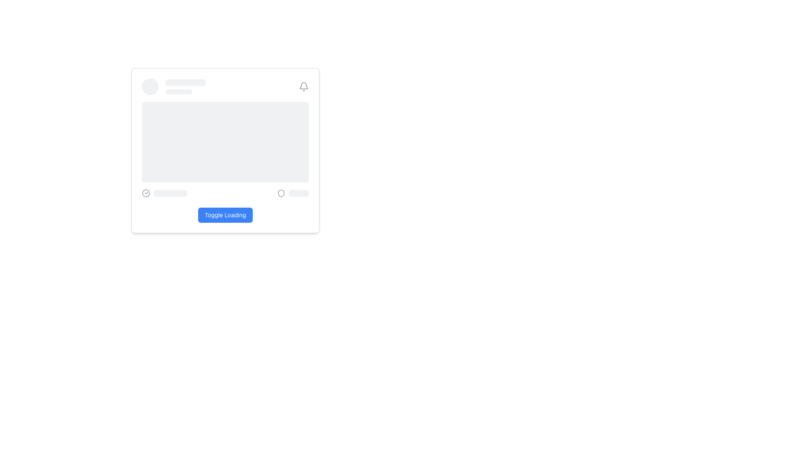 The height and width of the screenshot is (453, 806). I want to click on the 'Toggle Loading' button using keyboard navigation, so click(225, 215).